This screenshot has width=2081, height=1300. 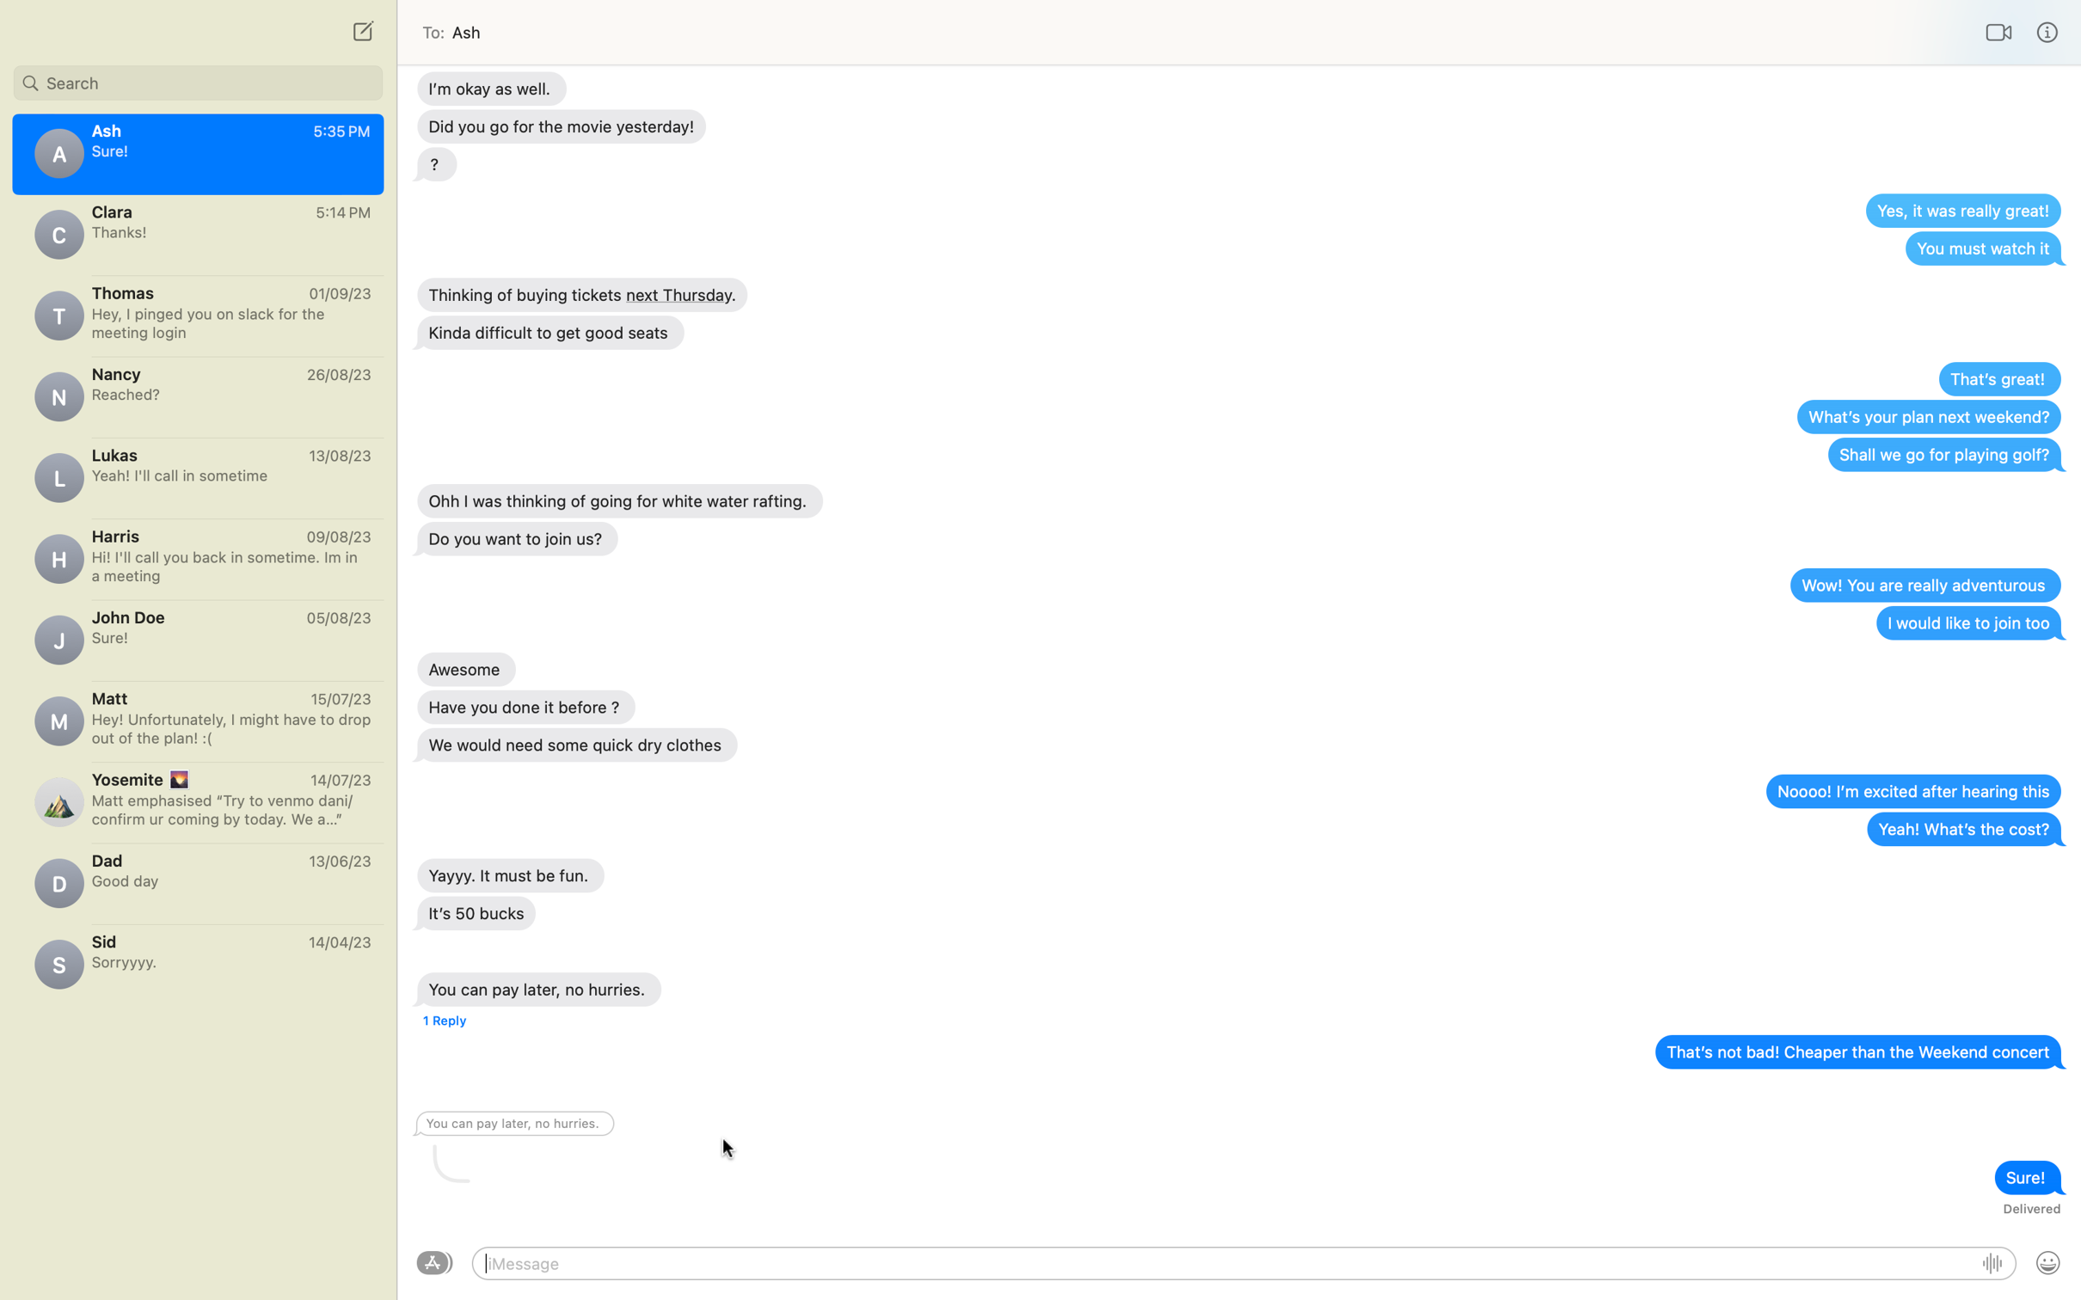 I want to click on Start new chat with Chris, so click(x=360, y=30).